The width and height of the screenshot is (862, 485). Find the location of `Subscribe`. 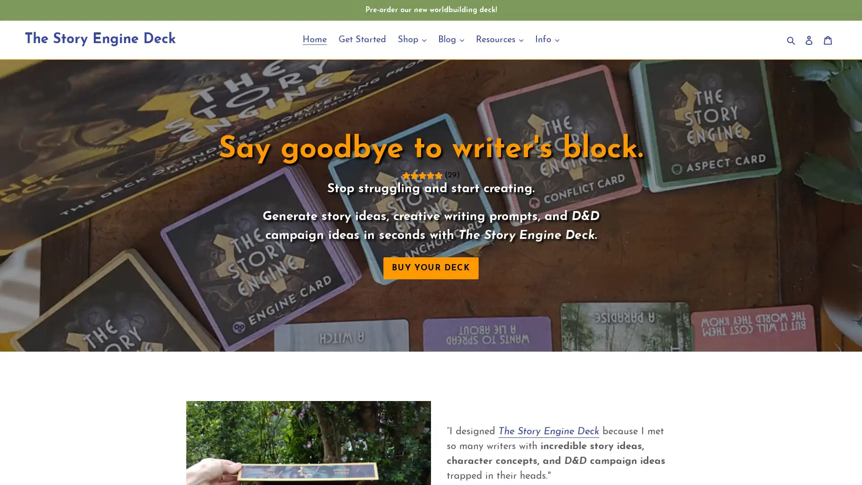

Subscribe is located at coordinates (493, 334).